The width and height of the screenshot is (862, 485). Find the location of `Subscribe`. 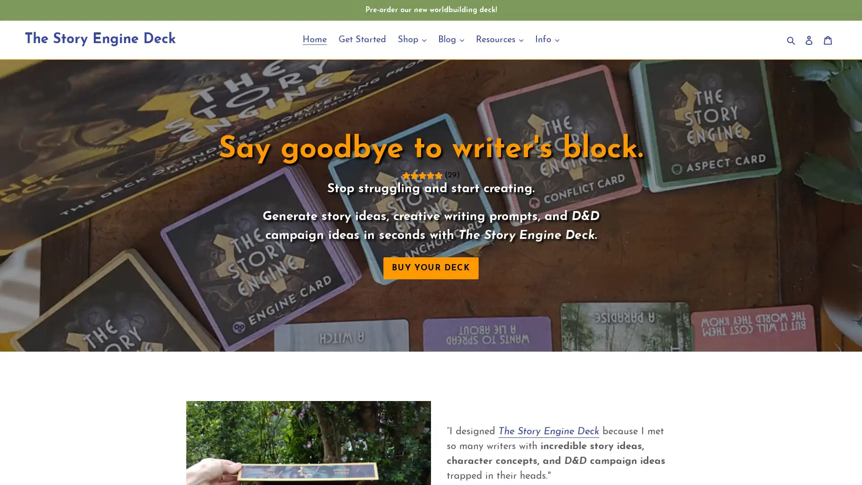

Subscribe is located at coordinates (493, 334).